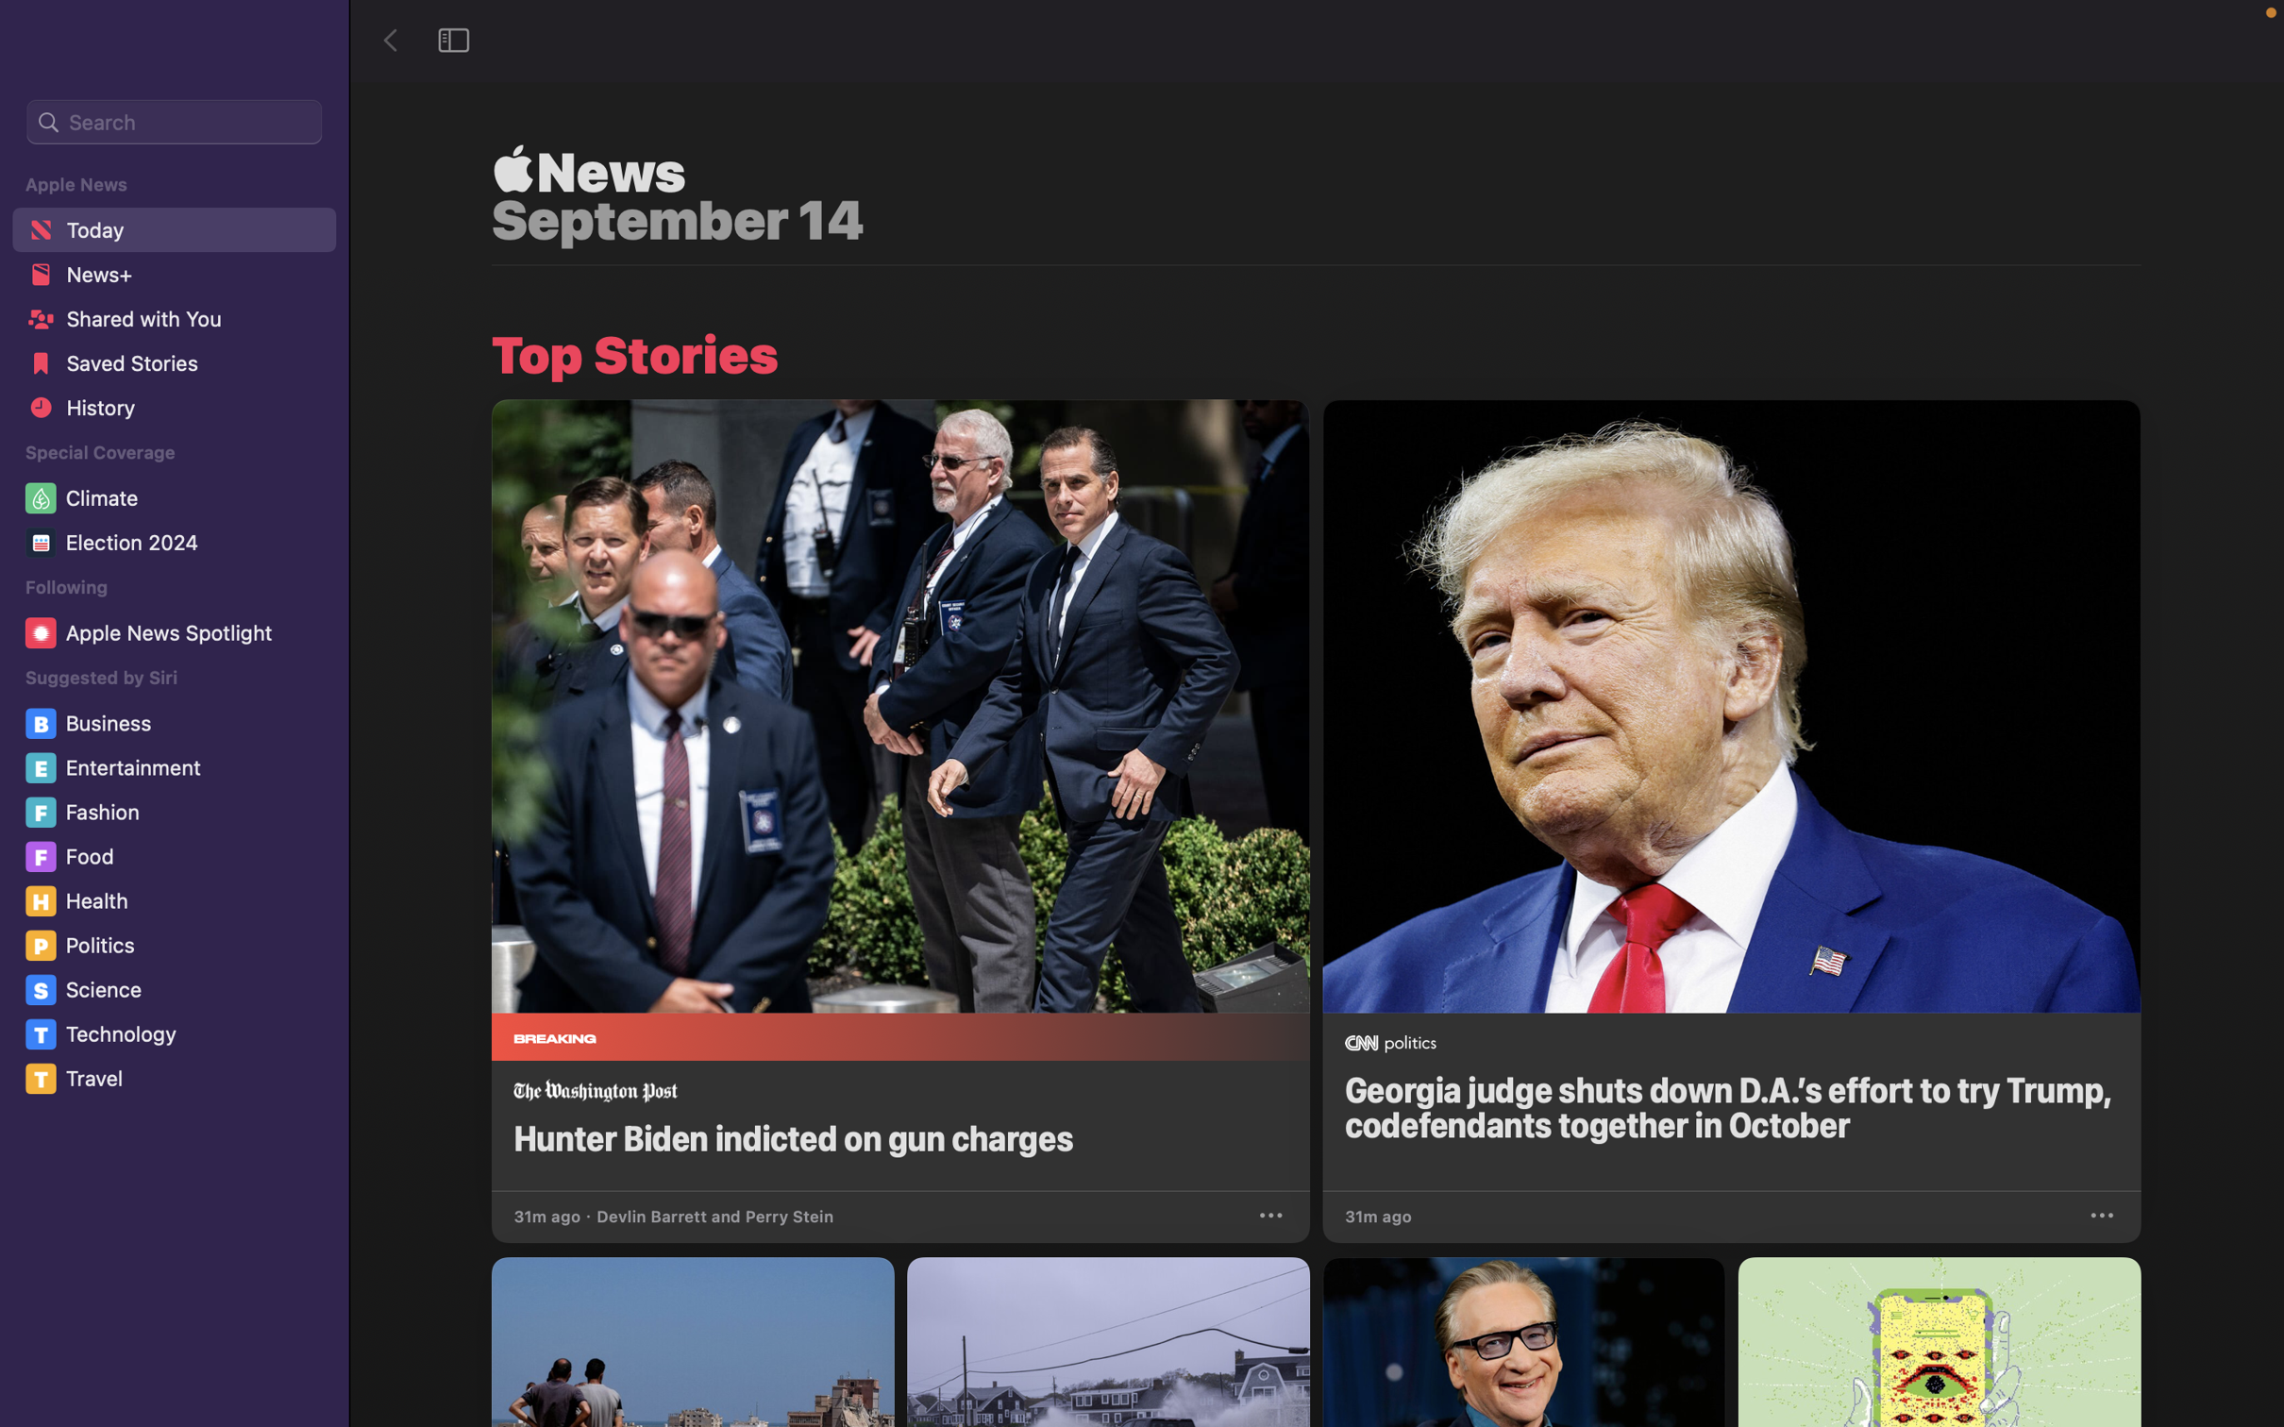  I want to click on Execute a web search for articles and news about "Covid 2020", so click(175, 122).